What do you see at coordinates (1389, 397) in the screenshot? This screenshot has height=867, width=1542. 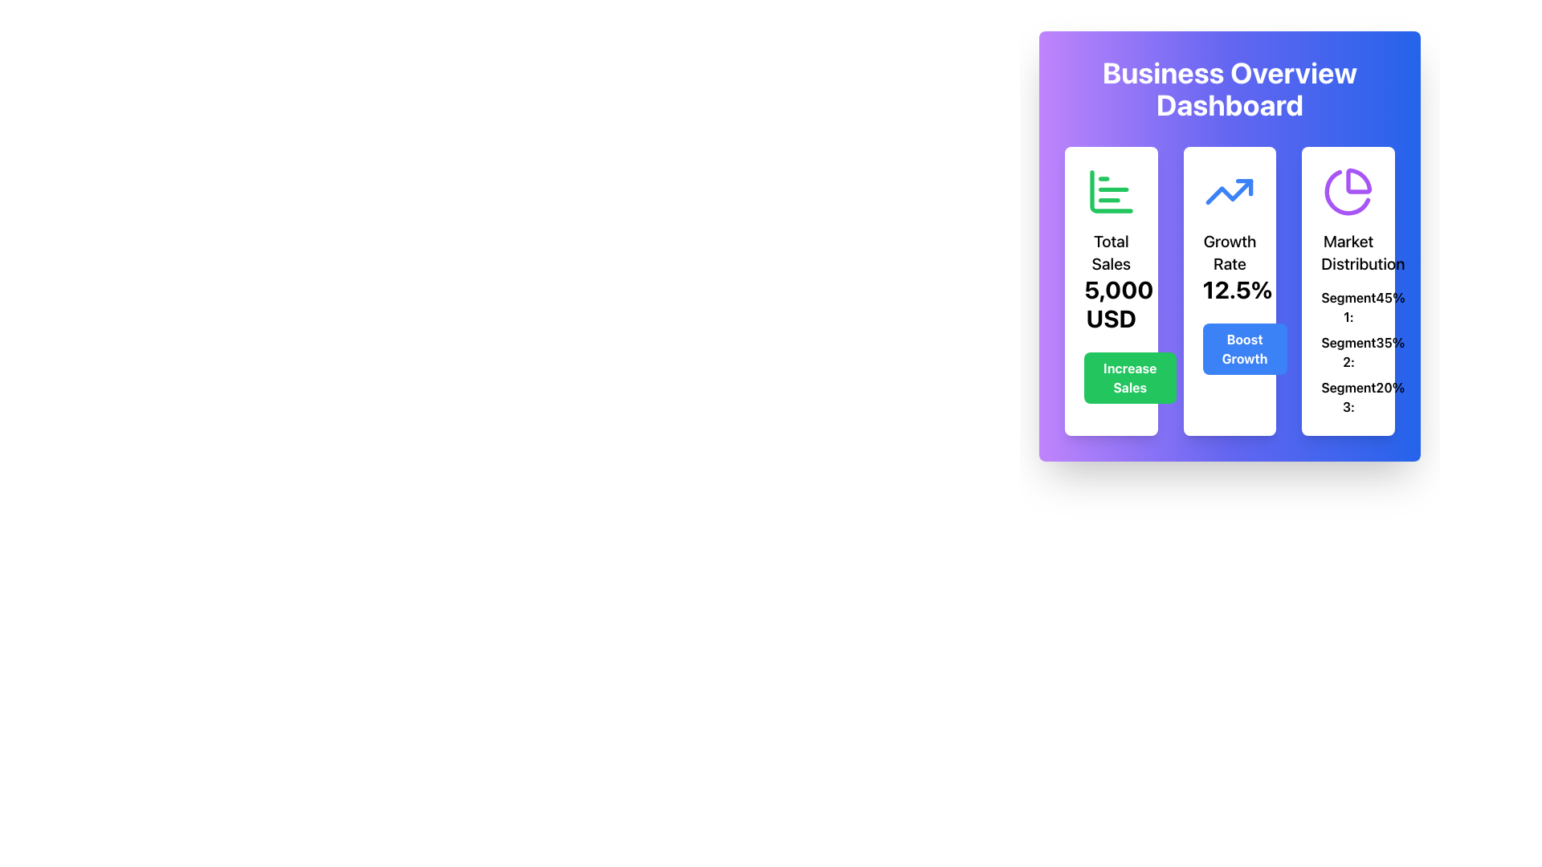 I see `Text Label indicating the percentage value for Segment 3 in the Market Distribution section, which displays 'Segment 3:20%'` at bounding box center [1389, 397].